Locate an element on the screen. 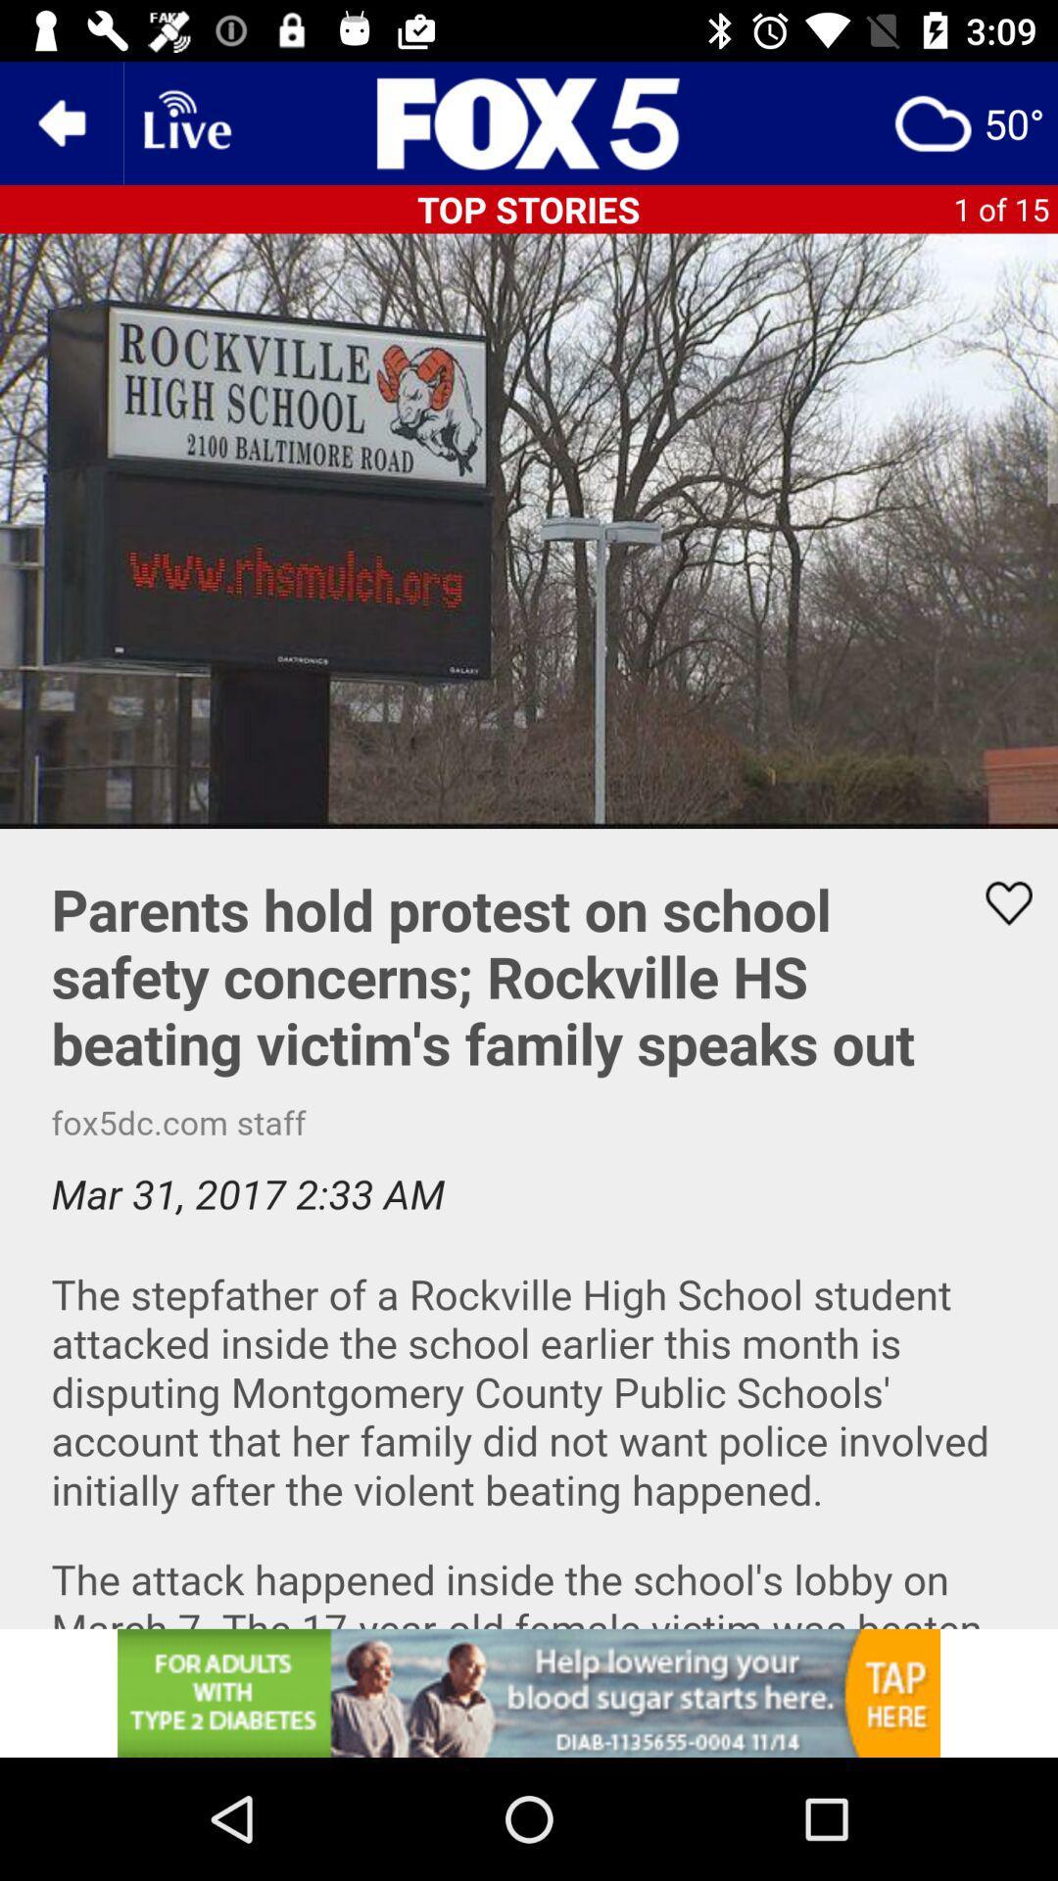  advertisement is located at coordinates (529, 1692).